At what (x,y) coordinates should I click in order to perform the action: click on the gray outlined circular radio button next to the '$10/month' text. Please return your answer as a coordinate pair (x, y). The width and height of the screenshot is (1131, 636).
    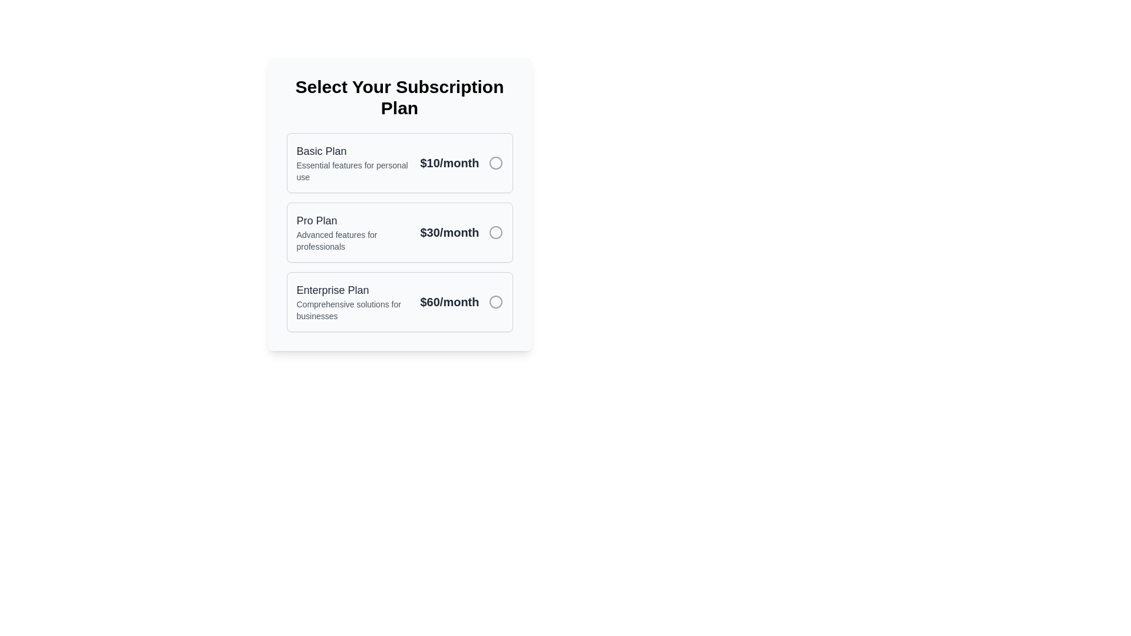
    Looking at the image, I should click on (495, 163).